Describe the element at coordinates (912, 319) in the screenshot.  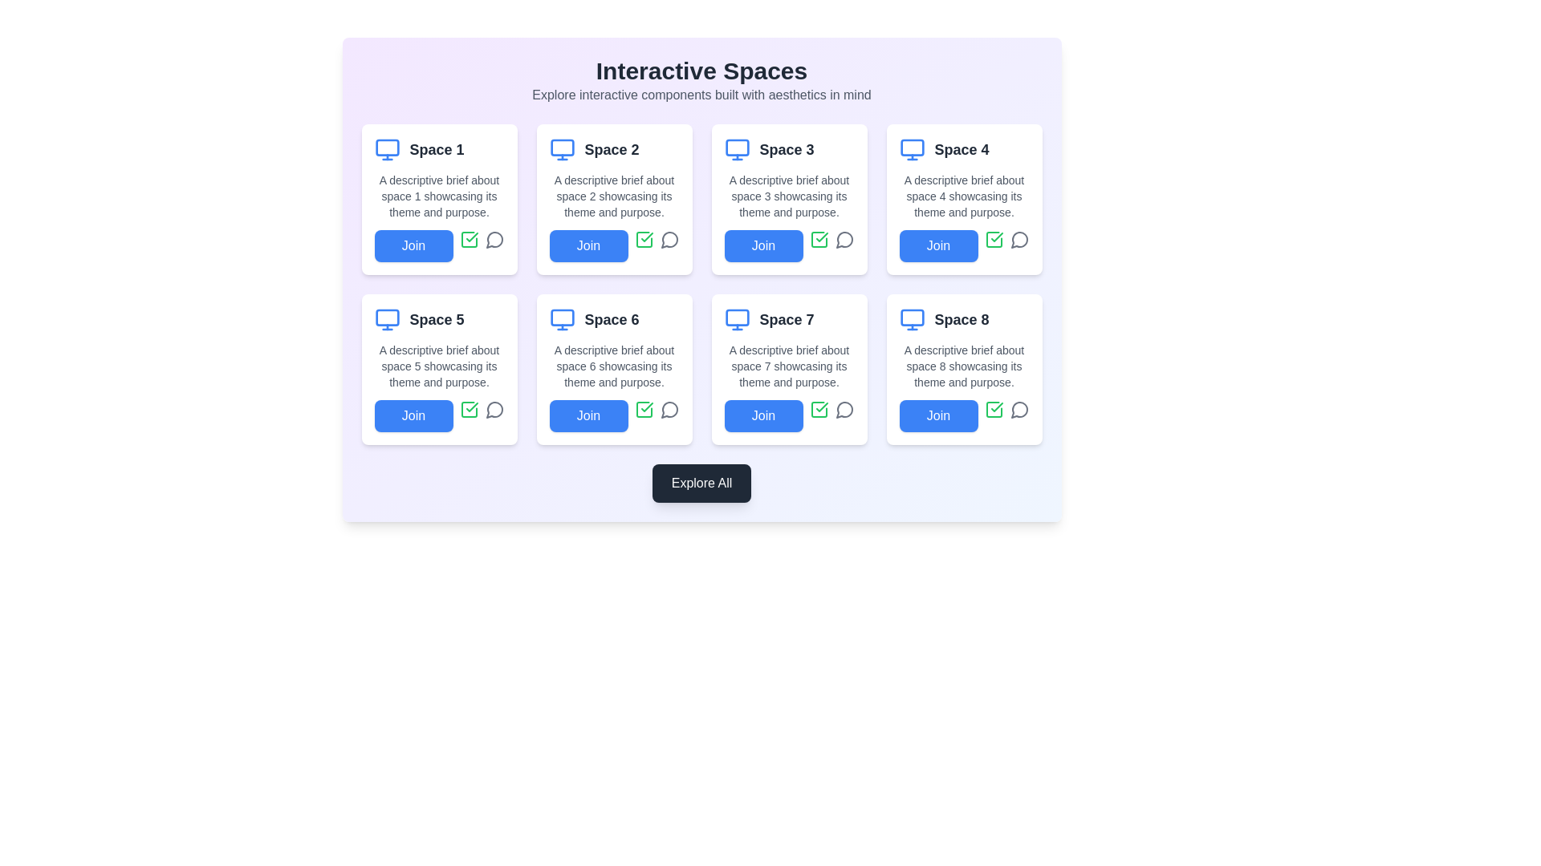
I see `the icon representing the concept of 'Space' located in the top-left region of the 'Space 8' card, next to the title` at that location.